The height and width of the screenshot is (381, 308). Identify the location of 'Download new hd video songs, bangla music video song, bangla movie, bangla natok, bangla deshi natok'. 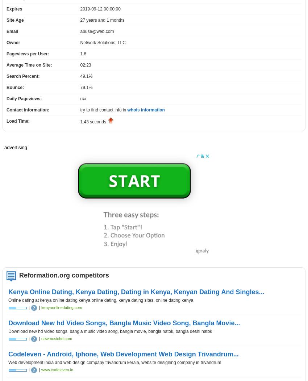
(110, 331).